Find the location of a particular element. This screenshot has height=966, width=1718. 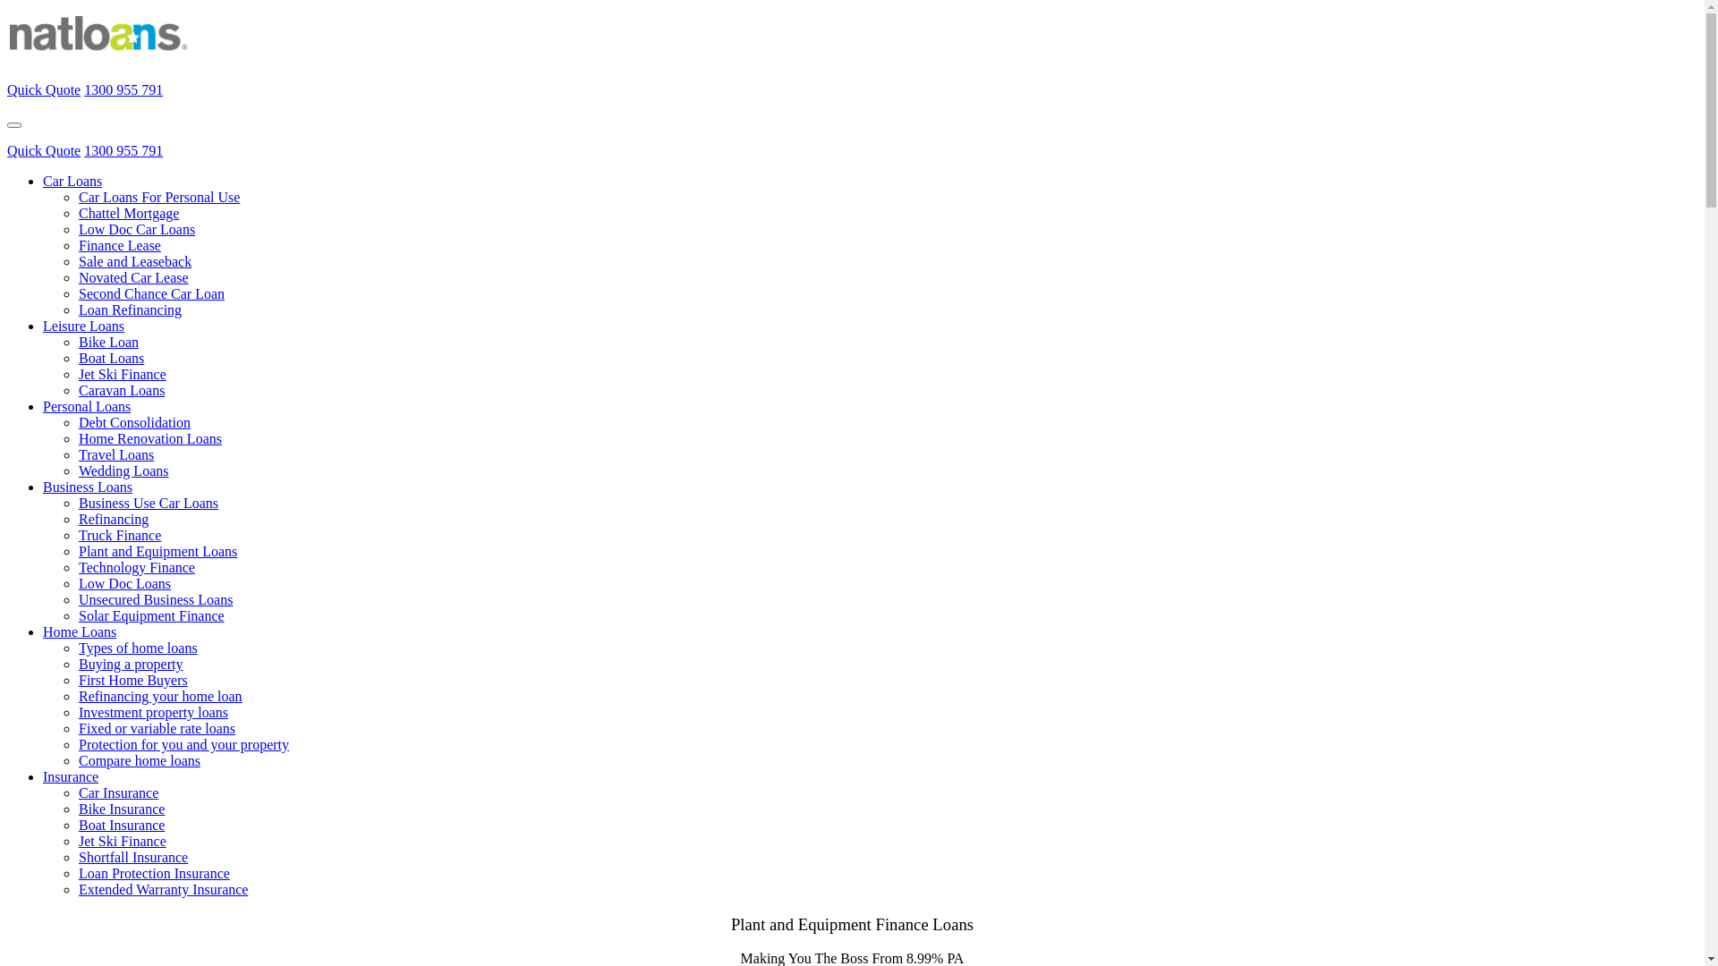

'Jet Ski Finance' is located at coordinates (122, 373).